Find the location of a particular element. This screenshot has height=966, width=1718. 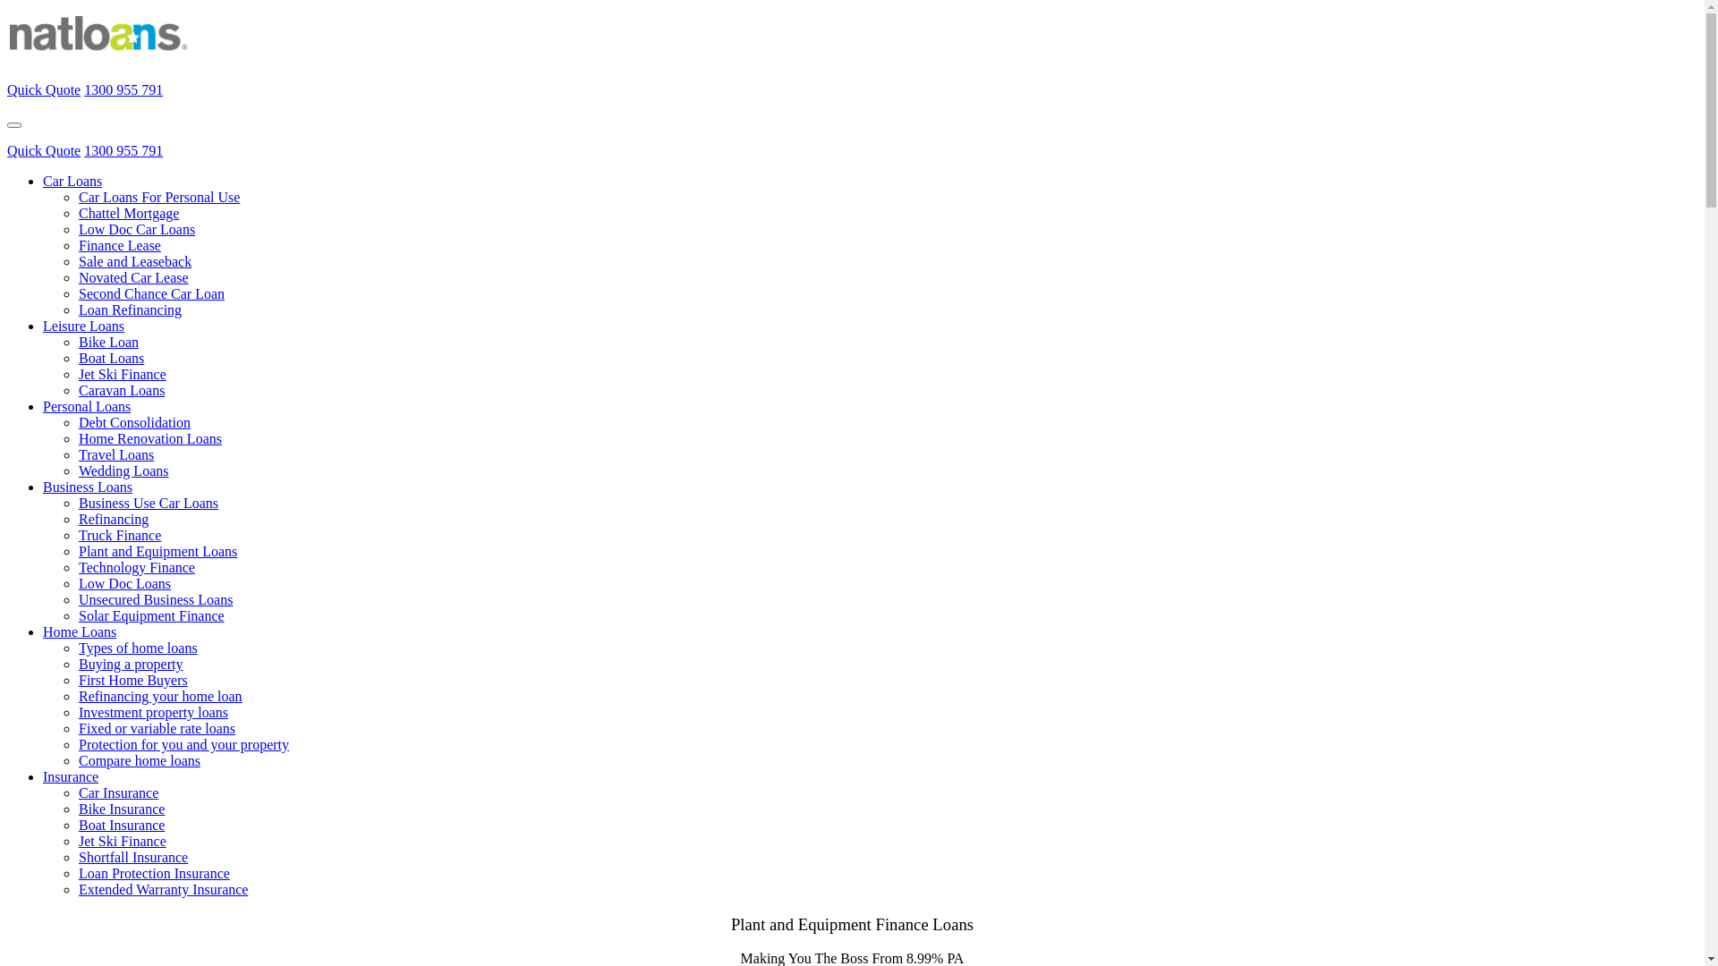

'Jet Ski Finance' is located at coordinates (122, 373).